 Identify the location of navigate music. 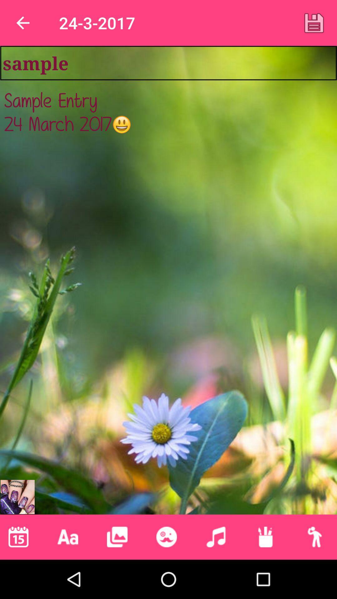
(216, 537).